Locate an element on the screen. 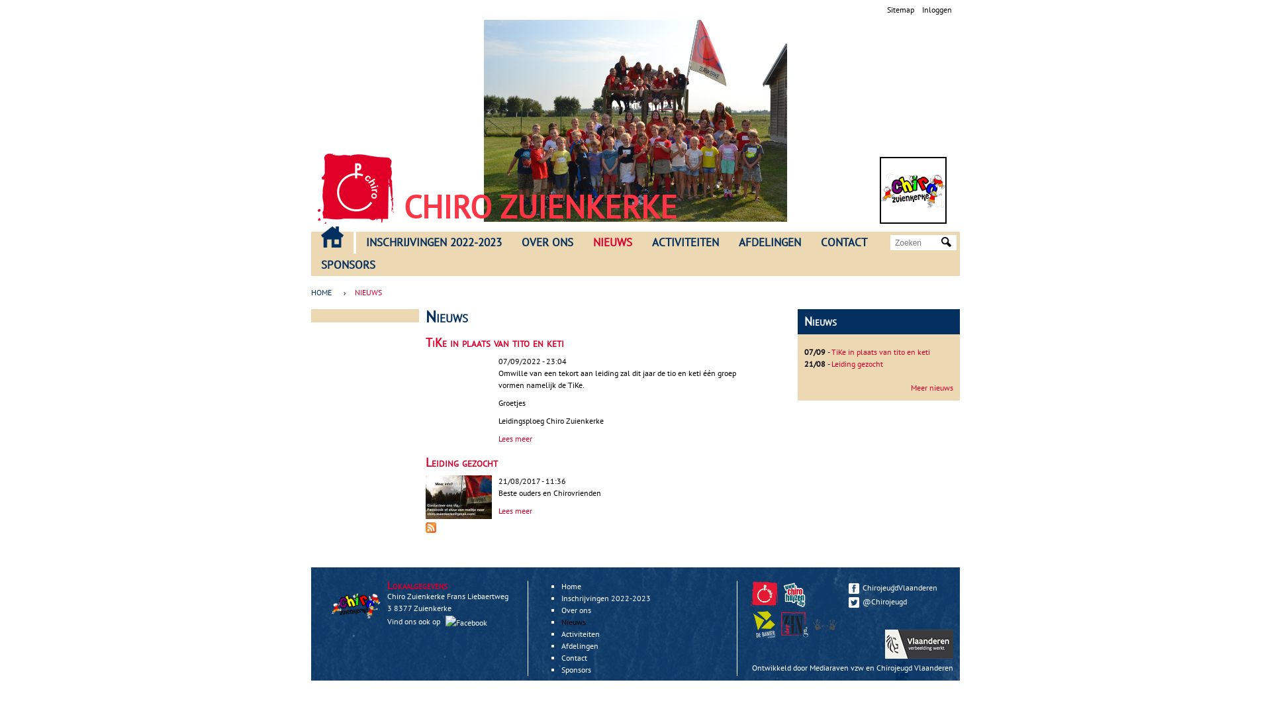  'Meer nieuws' is located at coordinates (931, 387).